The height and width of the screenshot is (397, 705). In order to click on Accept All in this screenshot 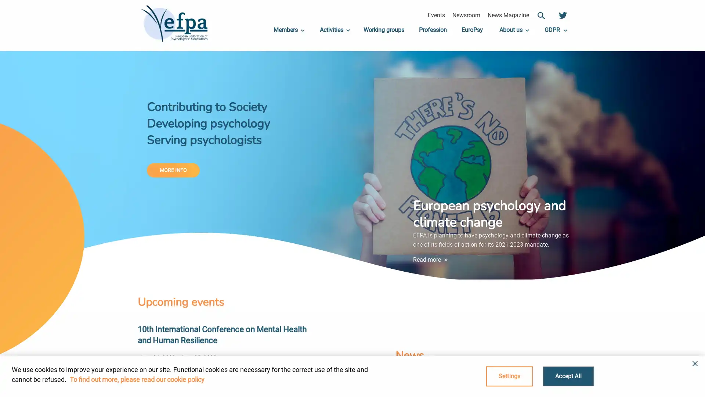, I will do `click(568, 376)`.